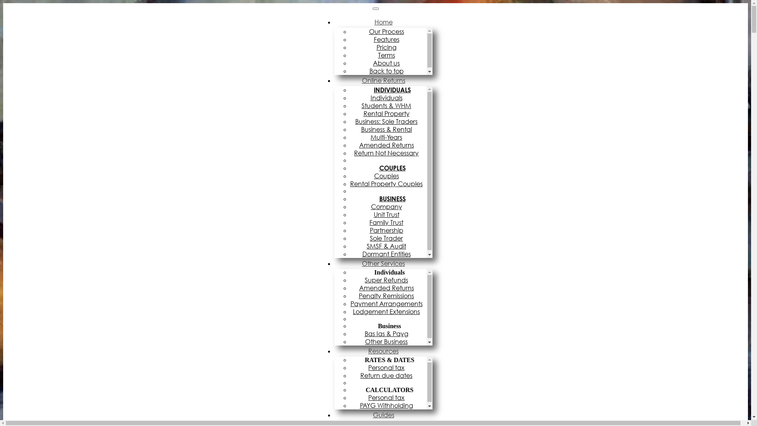  What do you see at coordinates (388, 47) in the screenshot?
I see `'Pricing'` at bounding box center [388, 47].